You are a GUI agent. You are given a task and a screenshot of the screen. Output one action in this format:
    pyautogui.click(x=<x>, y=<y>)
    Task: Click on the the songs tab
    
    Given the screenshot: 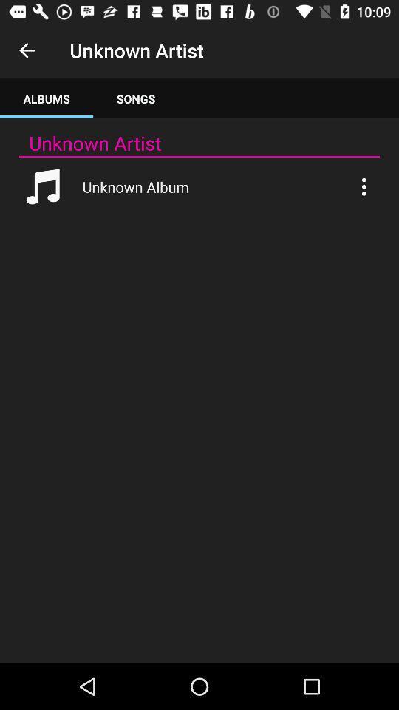 What is the action you would take?
    pyautogui.click(x=135, y=98)
    